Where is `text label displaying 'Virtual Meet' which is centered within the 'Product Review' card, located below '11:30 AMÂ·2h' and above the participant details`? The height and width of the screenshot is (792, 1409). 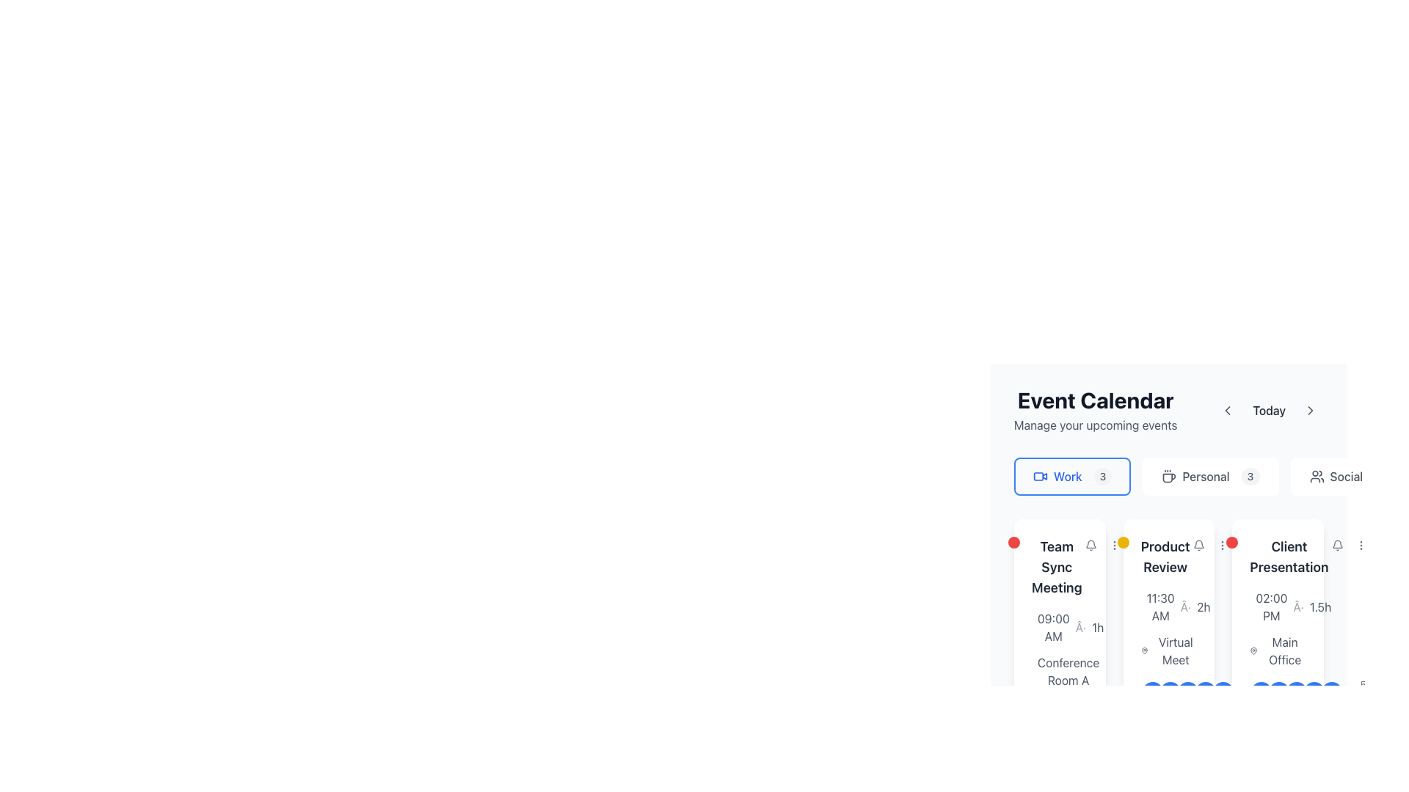
text label displaying 'Virtual Meet' which is centered within the 'Product Review' card, located below '11:30 AMÂ·2h' and above the participant details is located at coordinates (1168, 659).